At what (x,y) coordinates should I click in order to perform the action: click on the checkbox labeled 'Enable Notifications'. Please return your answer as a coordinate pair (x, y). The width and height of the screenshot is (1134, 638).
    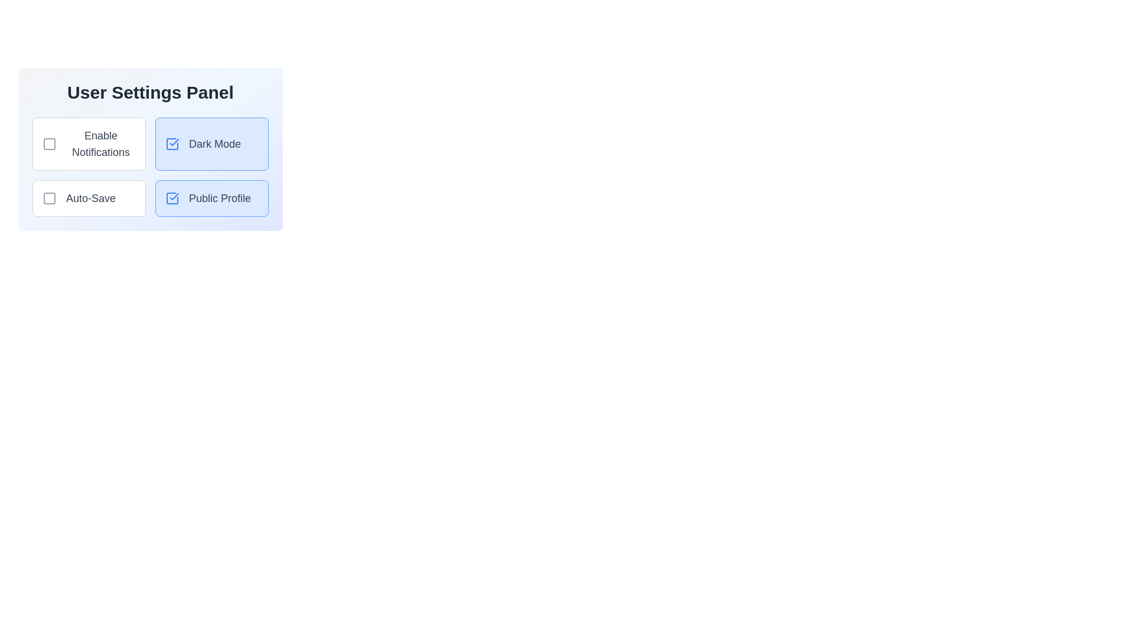
    Looking at the image, I should click on (88, 143).